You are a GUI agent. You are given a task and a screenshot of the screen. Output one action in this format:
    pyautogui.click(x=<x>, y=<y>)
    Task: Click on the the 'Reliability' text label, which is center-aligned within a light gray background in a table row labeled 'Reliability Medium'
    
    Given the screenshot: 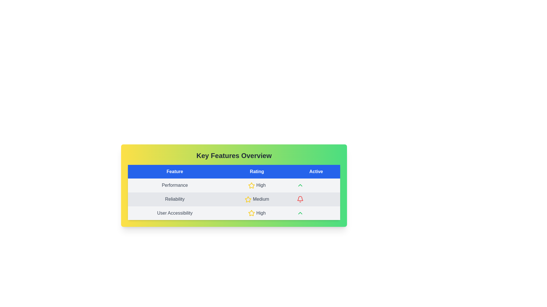 What is the action you would take?
    pyautogui.click(x=174, y=199)
    